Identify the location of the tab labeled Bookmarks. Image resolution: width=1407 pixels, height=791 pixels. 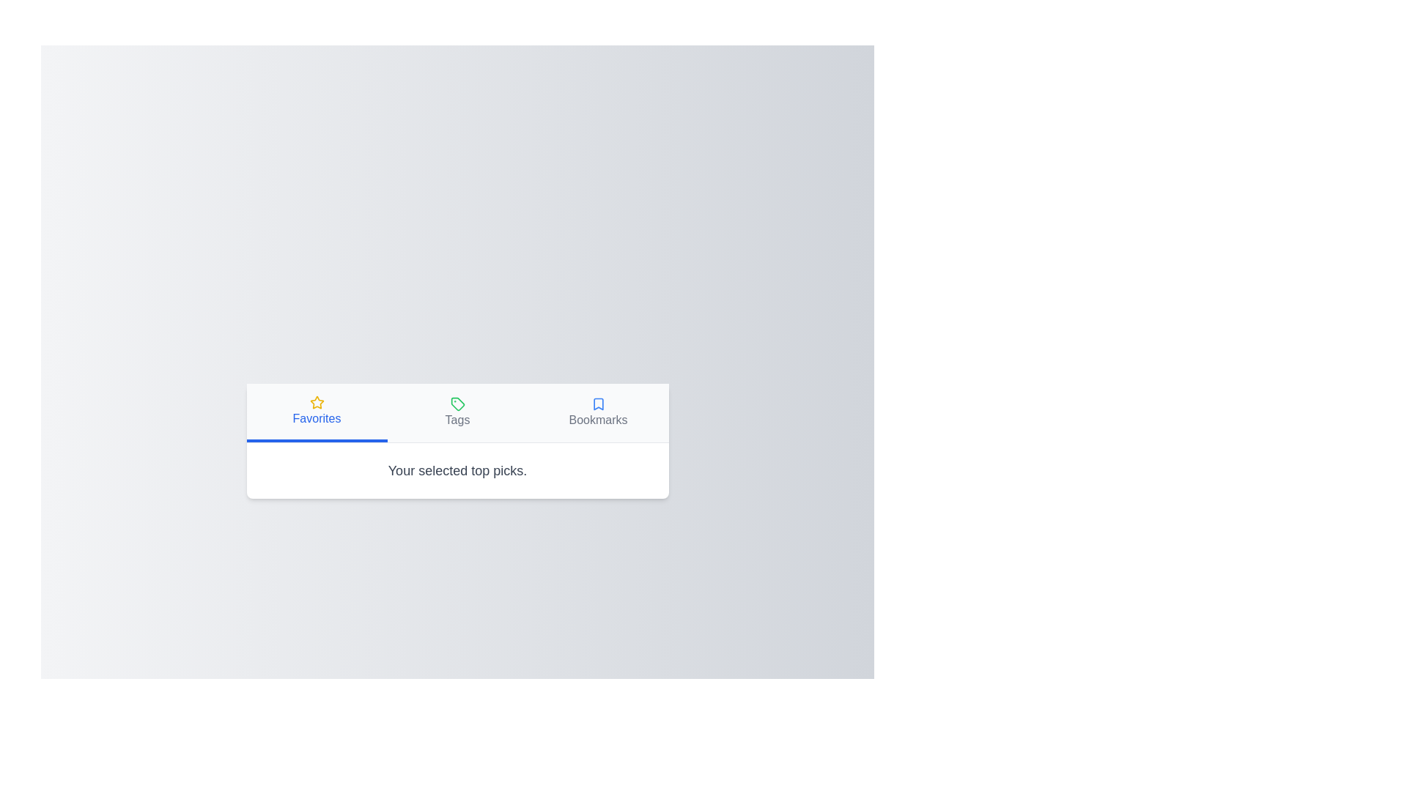
(598, 412).